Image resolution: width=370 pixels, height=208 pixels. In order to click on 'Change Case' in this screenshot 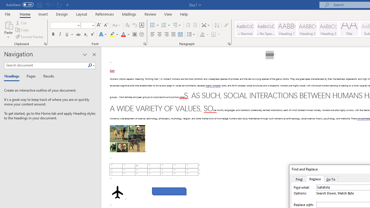, I will do `click(116, 25)`.